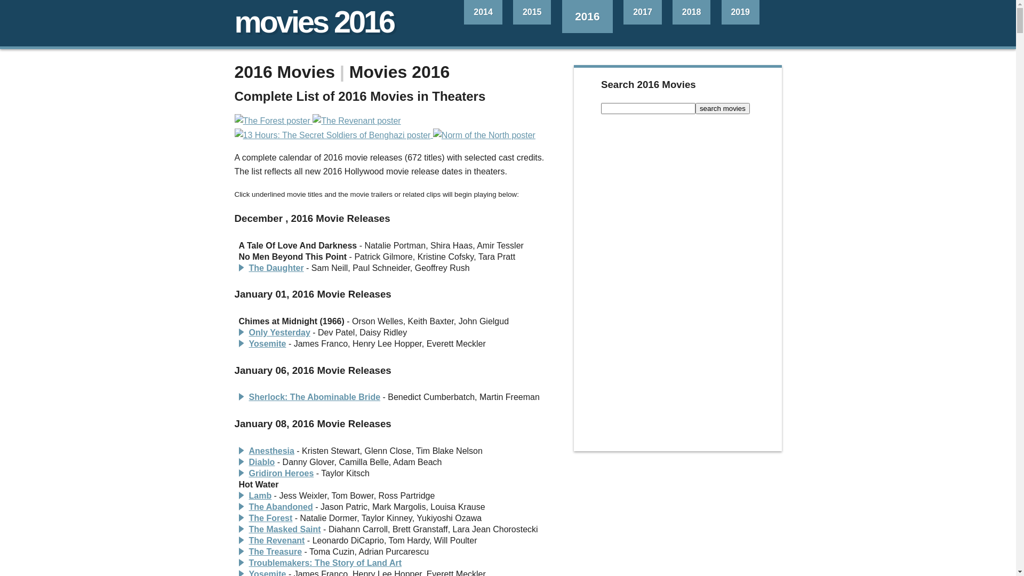 The image size is (1024, 576). Describe the element at coordinates (740, 12) in the screenshot. I see `'2019'` at that location.